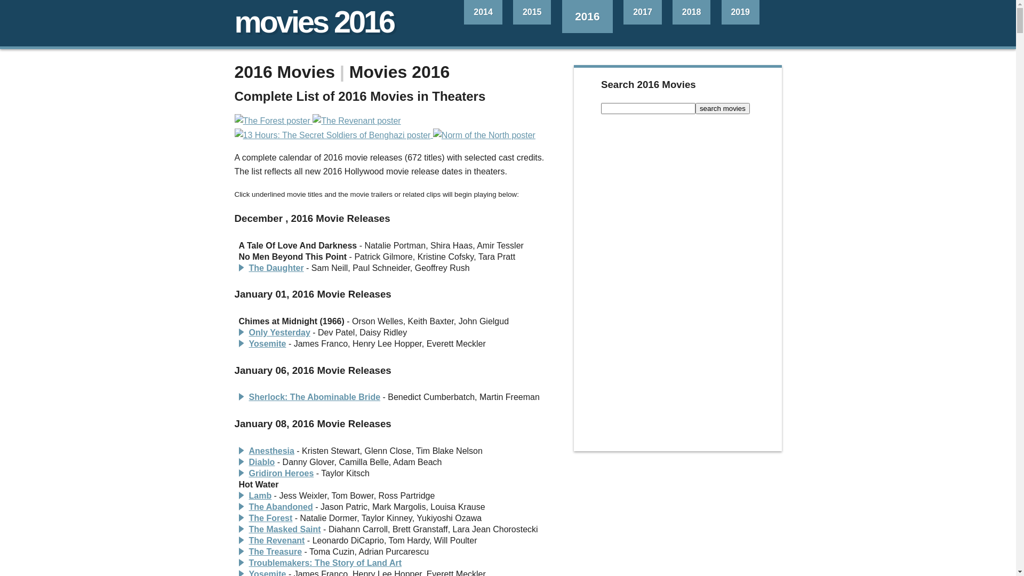 The image size is (1024, 576). Describe the element at coordinates (740, 12) in the screenshot. I see `'2019'` at that location.